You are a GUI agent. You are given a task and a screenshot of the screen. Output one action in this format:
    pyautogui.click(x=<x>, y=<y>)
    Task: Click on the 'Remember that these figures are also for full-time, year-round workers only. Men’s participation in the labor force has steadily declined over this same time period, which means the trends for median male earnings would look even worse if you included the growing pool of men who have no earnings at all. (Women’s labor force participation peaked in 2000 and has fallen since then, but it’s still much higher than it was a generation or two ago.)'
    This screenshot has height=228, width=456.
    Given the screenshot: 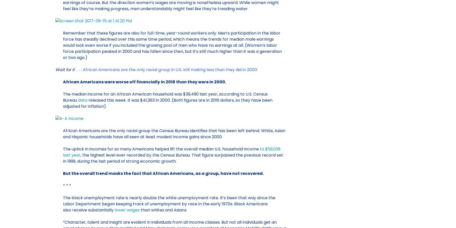 What is the action you would take?
    pyautogui.click(x=172, y=45)
    